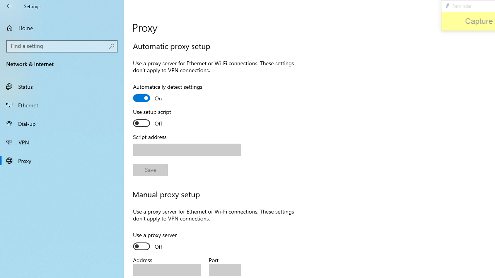  Describe the element at coordinates (62, 123) in the screenshot. I see `'Dial-up'` at that location.